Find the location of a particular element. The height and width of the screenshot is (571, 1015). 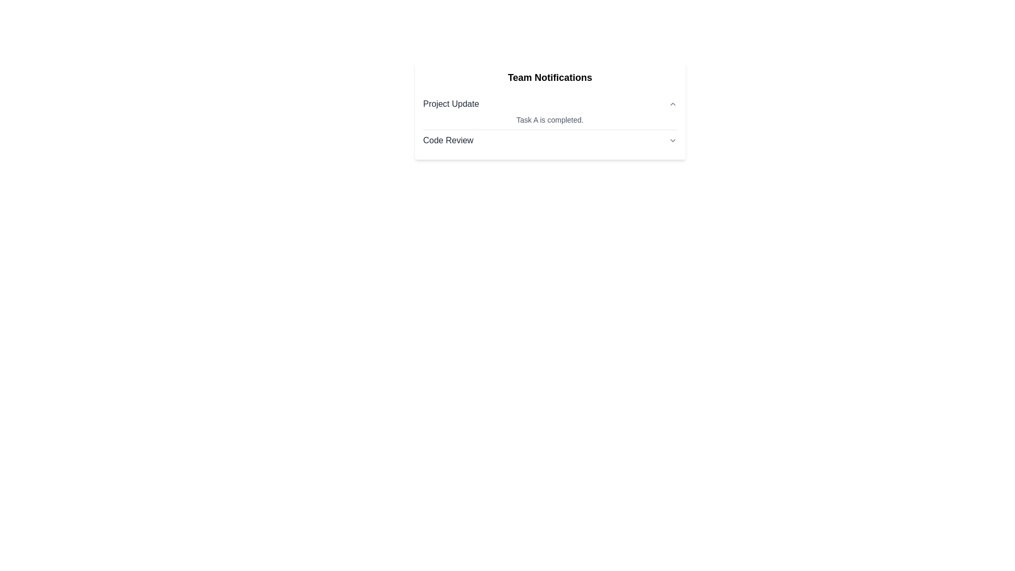

the downward-facing gray arrow icon is located at coordinates (672, 140).